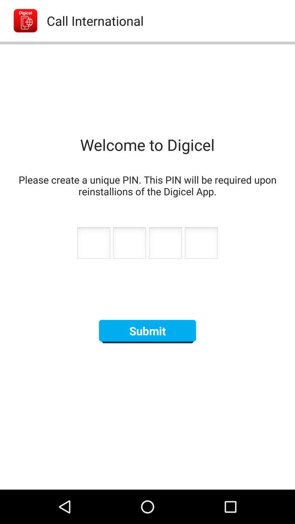 The height and width of the screenshot is (524, 295). What do you see at coordinates (93, 244) in the screenshot?
I see `digit for pin` at bounding box center [93, 244].